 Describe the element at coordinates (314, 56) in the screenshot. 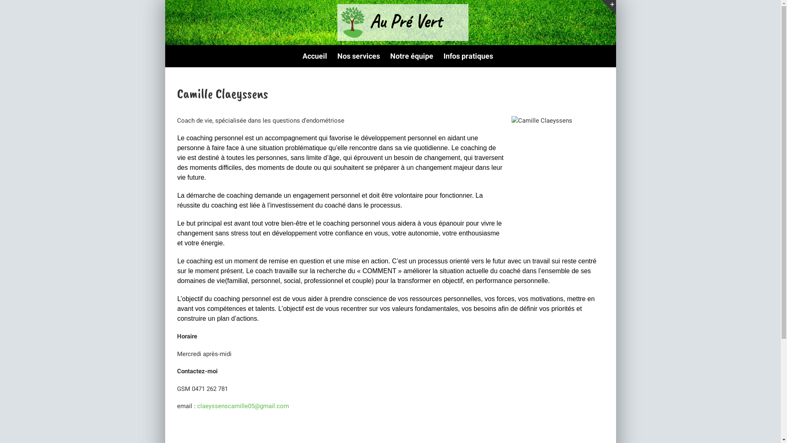

I see `'Accueil'` at that location.